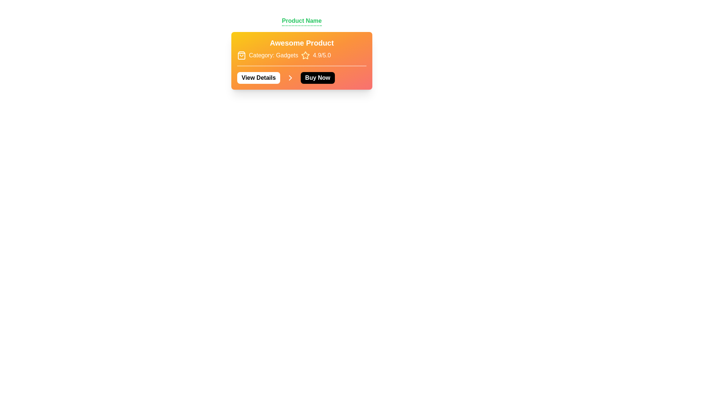 This screenshot has width=705, height=397. What do you see at coordinates (258, 78) in the screenshot?
I see `the first button in the horizontal row that allows users` at bounding box center [258, 78].